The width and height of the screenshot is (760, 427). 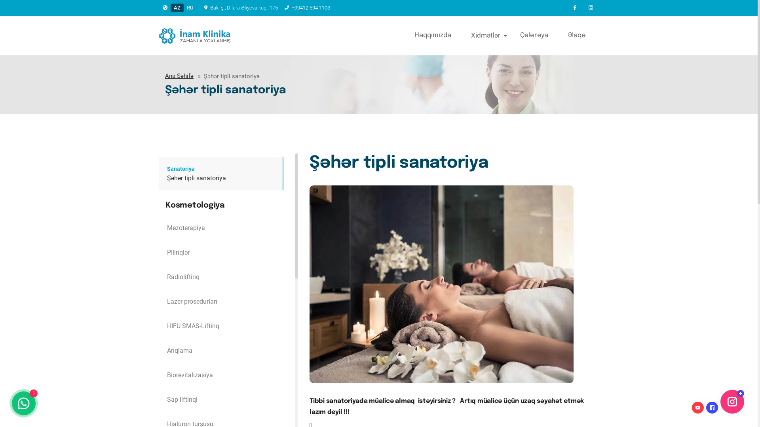 What do you see at coordinates (177, 8) in the screenshot?
I see `'AZ'` at bounding box center [177, 8].